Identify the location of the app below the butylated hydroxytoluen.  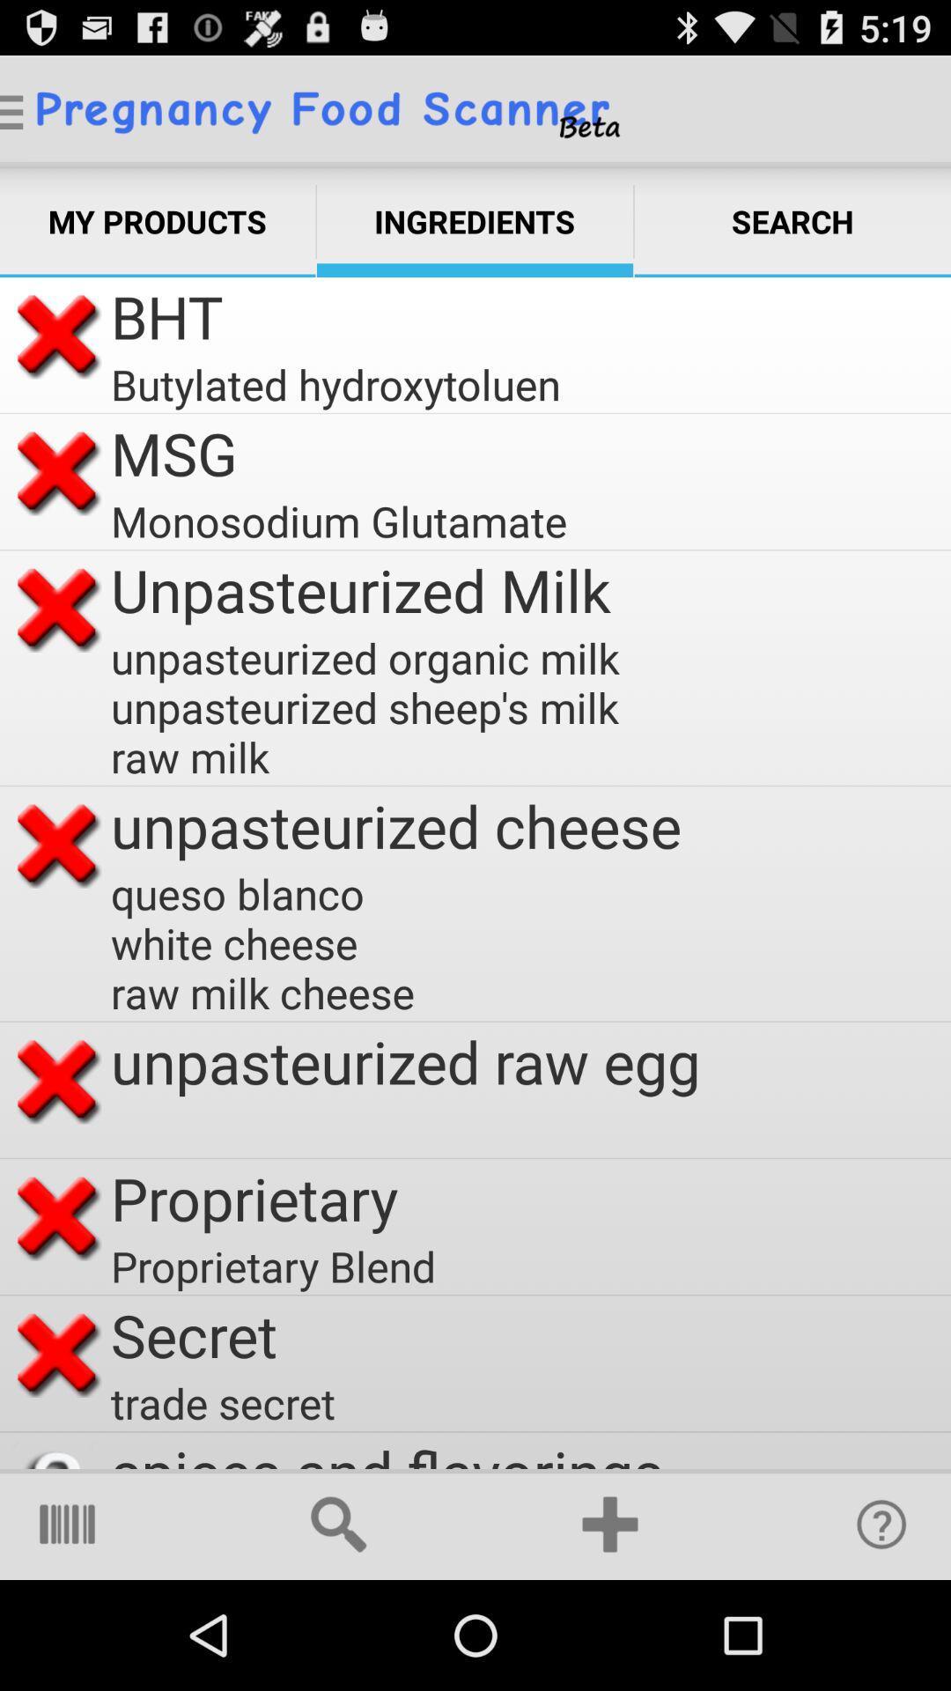
(173, 453).